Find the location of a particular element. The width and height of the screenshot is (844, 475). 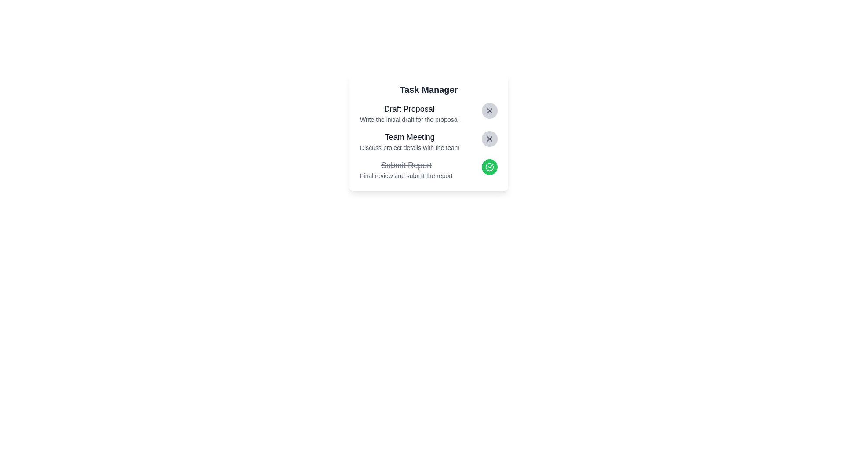

the completion indicator icon within the circular button located to the right of the 'Submit Report' text in the third task item of the Task Manager interface is located at coordinates (489, 167).